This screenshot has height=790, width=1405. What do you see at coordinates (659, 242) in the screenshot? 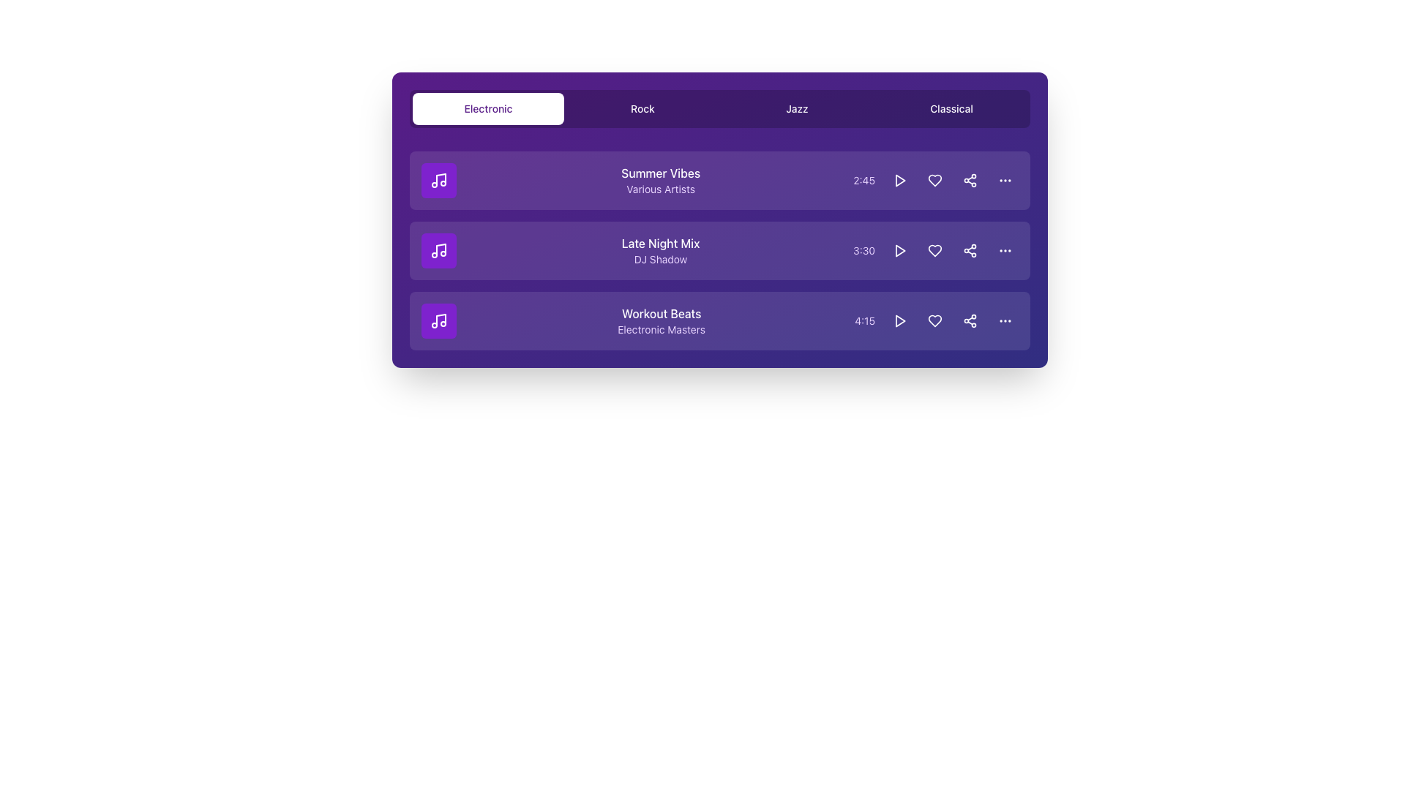
I see `the text label that displays the title of a music track in the second row of the track listing in the 'Electronic' category, located directly above the artist's name 'DJ Shadow'` at bounding box center [659, 242].